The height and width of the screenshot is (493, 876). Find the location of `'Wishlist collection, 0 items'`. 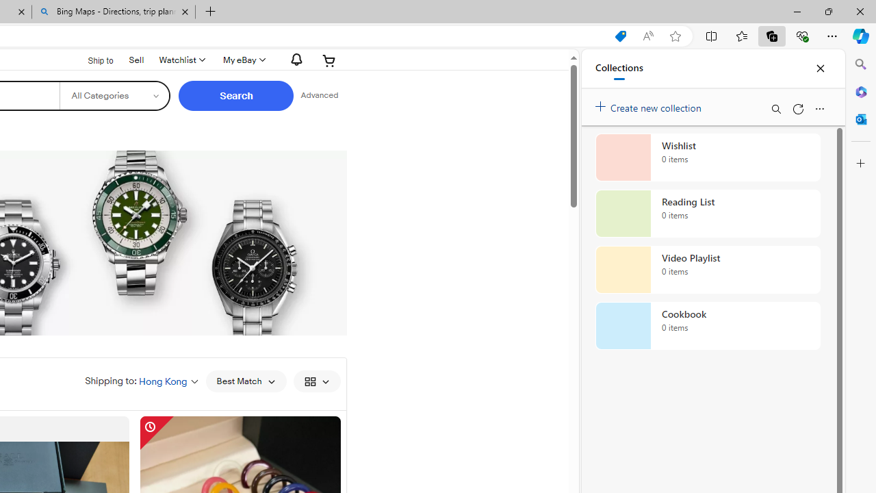

'Wishlist collection, 0 items' is located at coordinates (708, 157).